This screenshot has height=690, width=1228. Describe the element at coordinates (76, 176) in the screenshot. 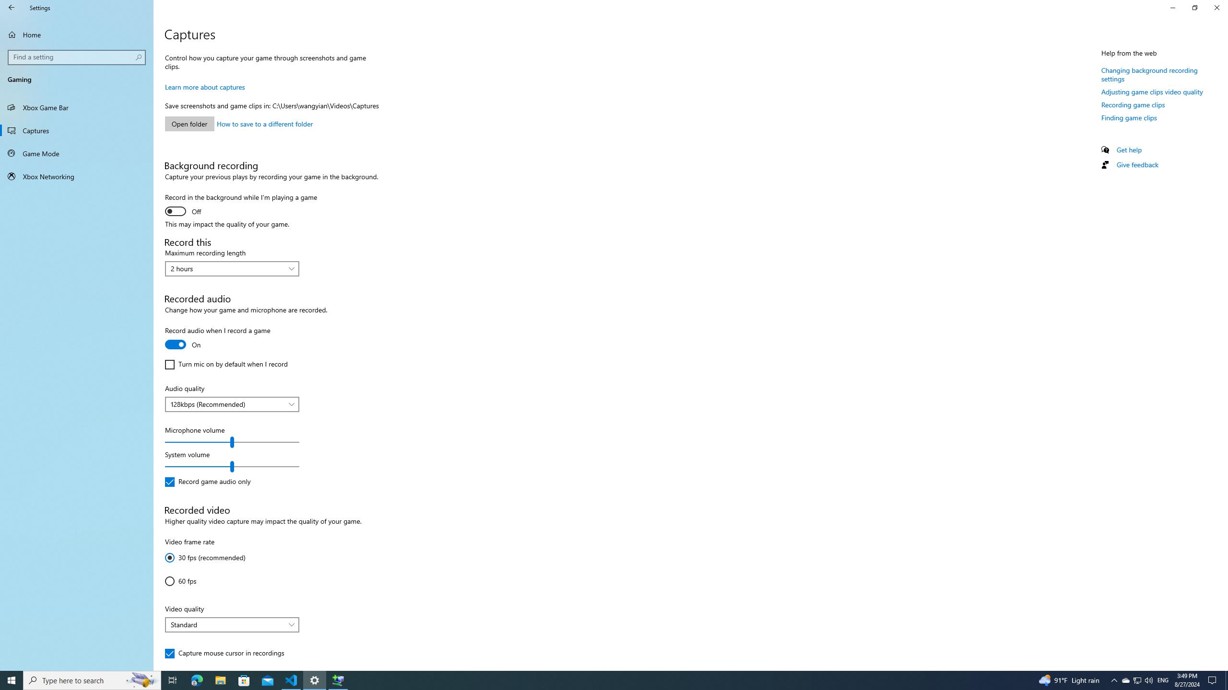

I see `'Xbox Networking'` at that location.